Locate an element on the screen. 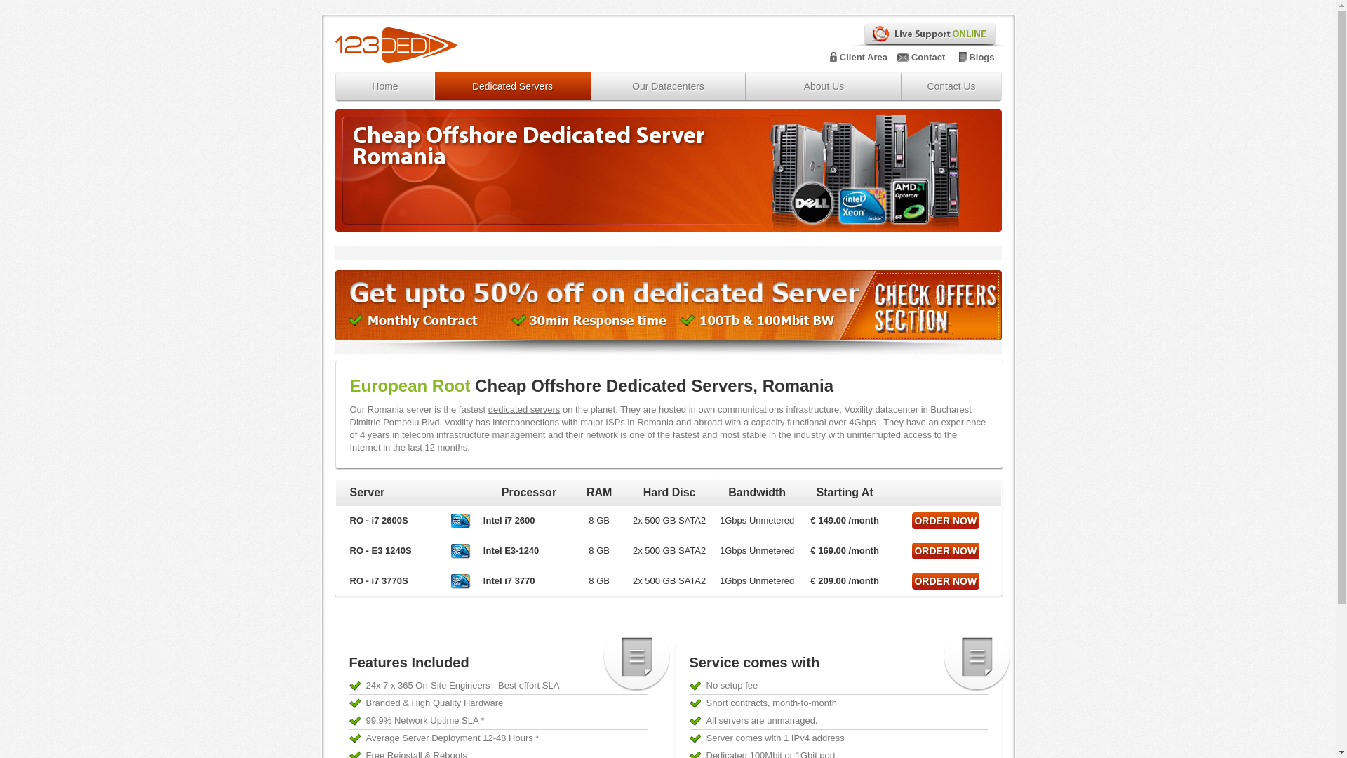 The width and height of the screenshot is (1347, 758). 'Dedicated Servers' is located at coordinates (511, 86).